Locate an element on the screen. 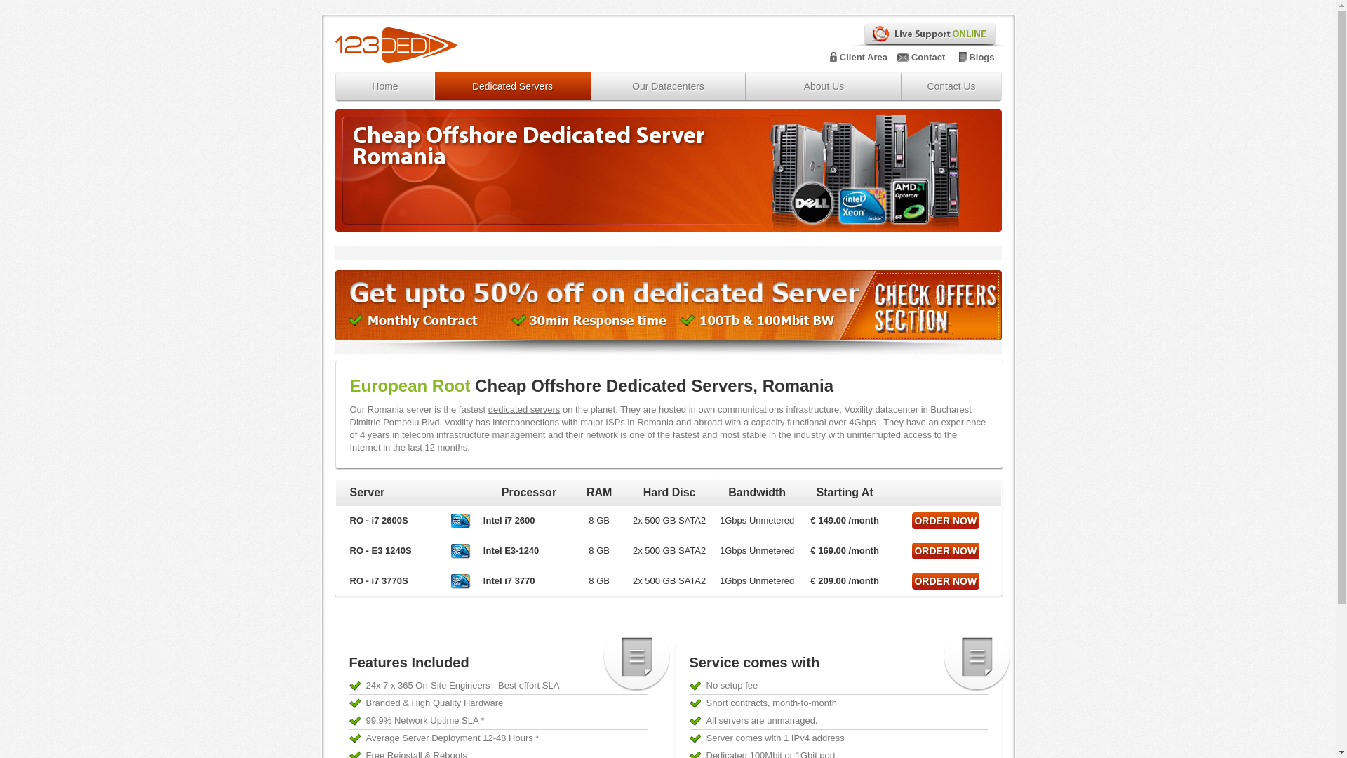 The width and height of the screenshot is (1347, 758). 'Dedicated Servers' is located at coordinates (511, 86).